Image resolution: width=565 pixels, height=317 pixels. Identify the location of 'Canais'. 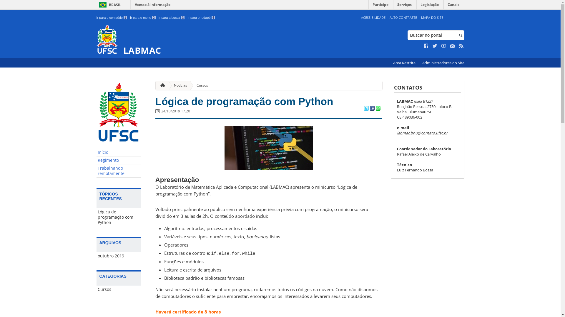
(453, 6).